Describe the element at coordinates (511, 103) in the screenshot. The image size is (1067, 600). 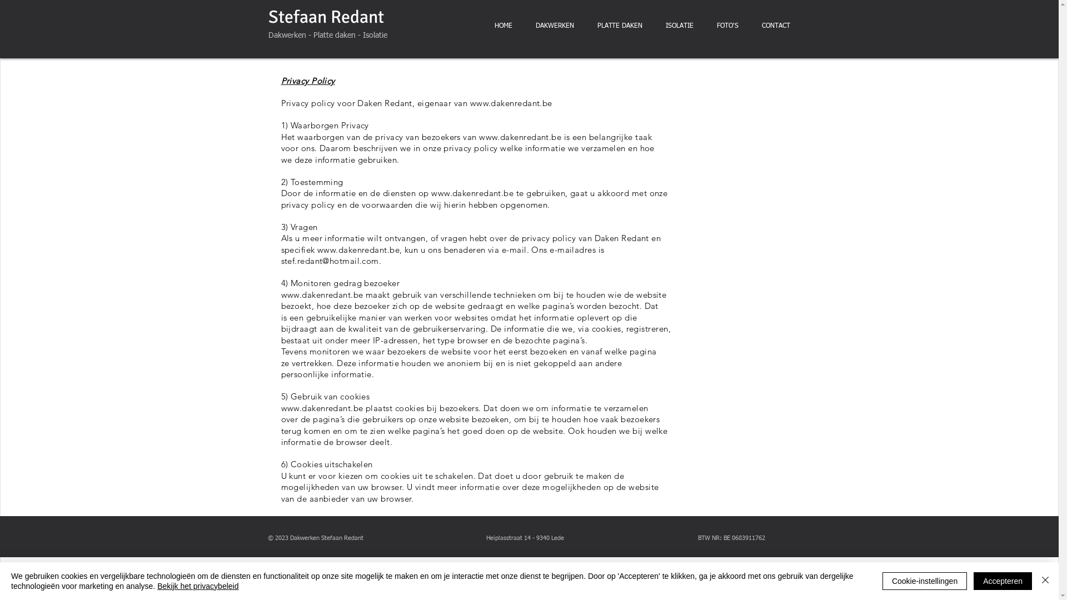
I see `'www.dakenredant.be'` at that location.